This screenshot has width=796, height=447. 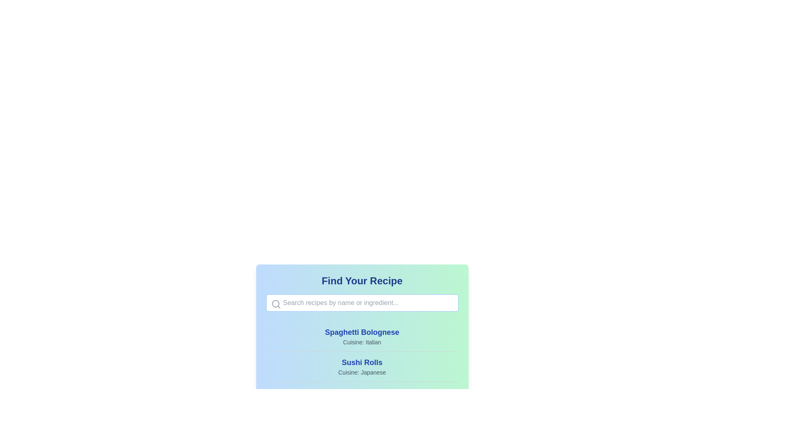 What do you see at coordinates (362, 336) in the screenshot?
I see `the first selectable recipe option for 'Spaghetti Bolognese' in the recipe menu to change its background color` at bounding box center [362, 336].